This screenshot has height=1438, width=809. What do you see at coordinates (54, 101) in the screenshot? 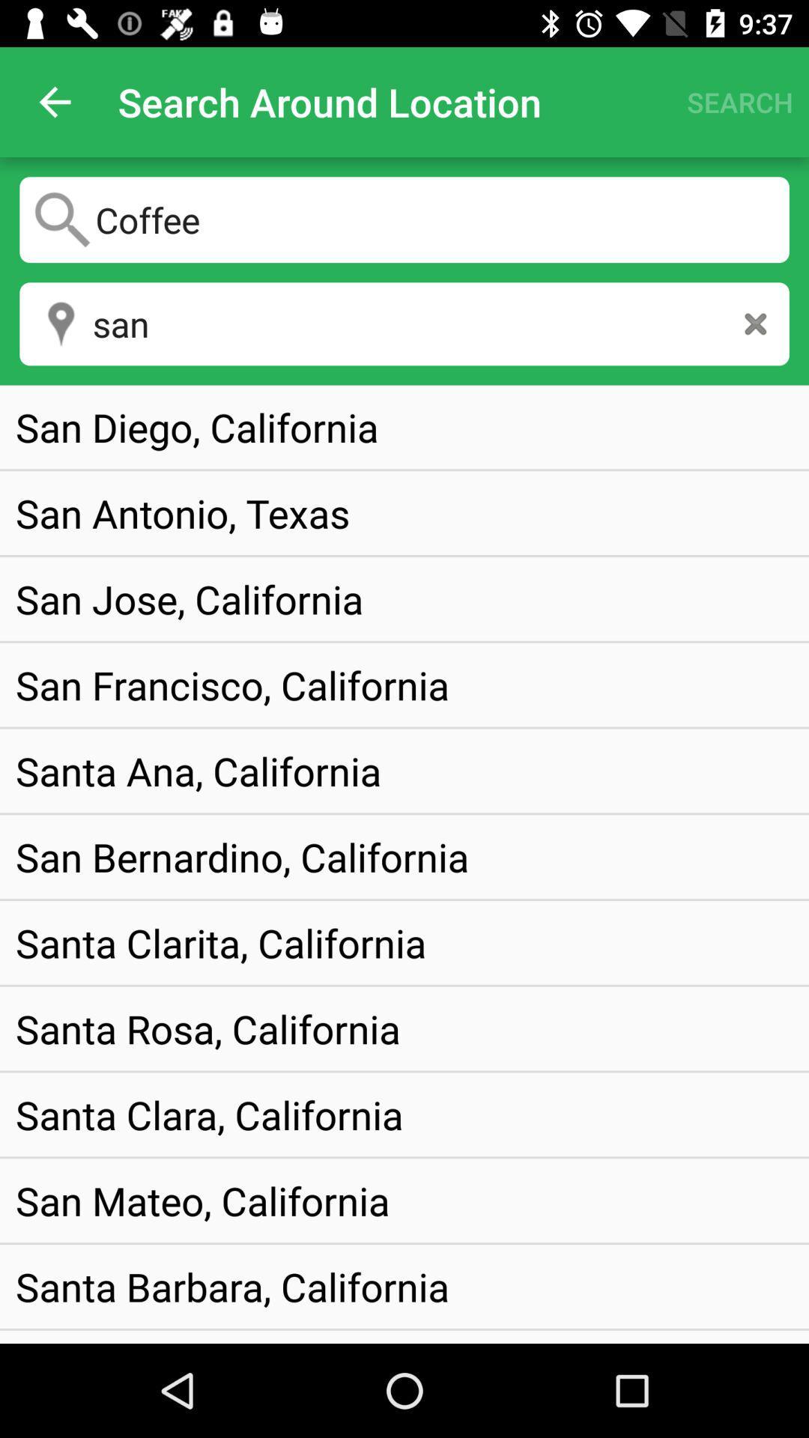
I see `the icon next to search around location` at bounding box center [54, 101].